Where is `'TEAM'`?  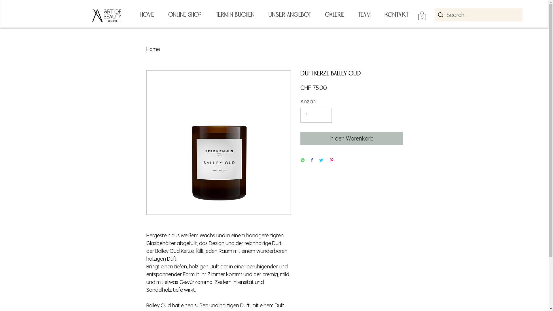 'TEAM' is located at coordinates (363, 14).